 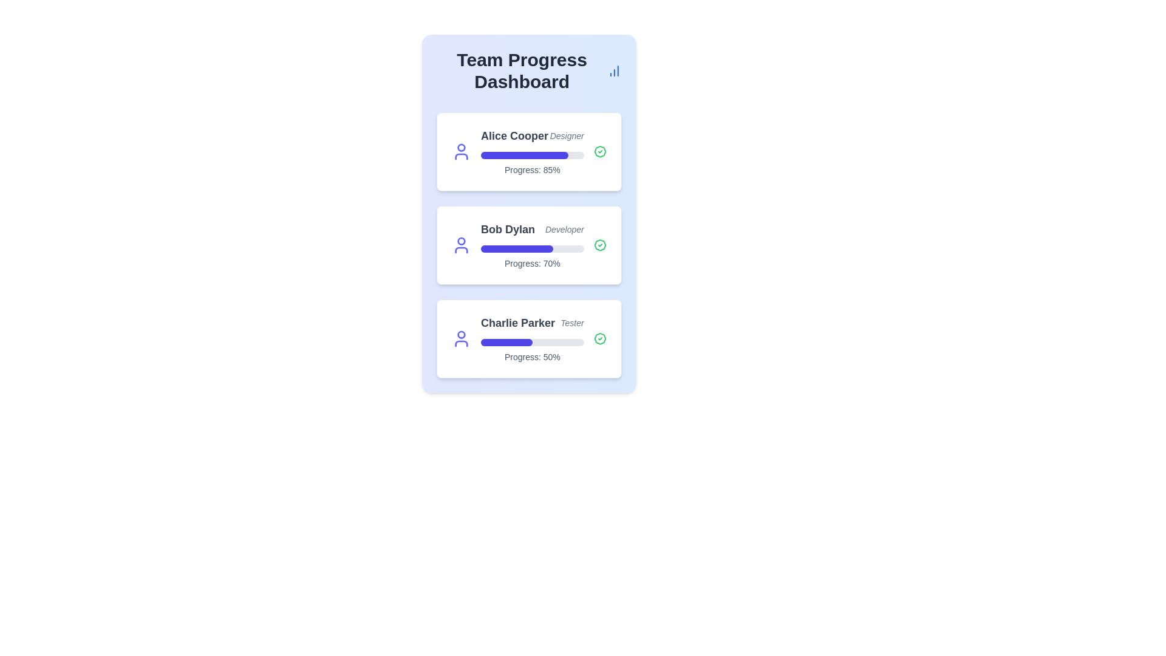 What do you see at coordinates (518, 323) in the screenshot?
I see `name displayed in the text label for individual 'Charlie Parker', located on the third card of the dashboard, just to the left of the subtitle 'Tester'` at bounding box center [518, 323].